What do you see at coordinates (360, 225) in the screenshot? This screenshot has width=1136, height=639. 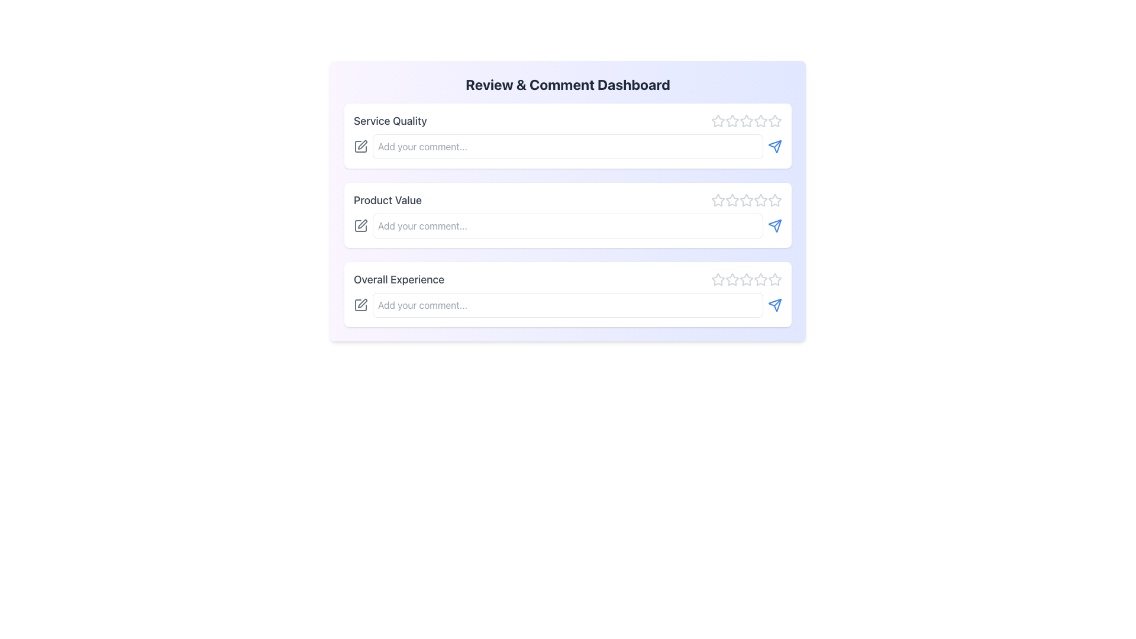 I see `the small gray square icon with a pen symbol, located to the left of the input field in the 'Product Value' comment section` at bounding box center [360, 225].